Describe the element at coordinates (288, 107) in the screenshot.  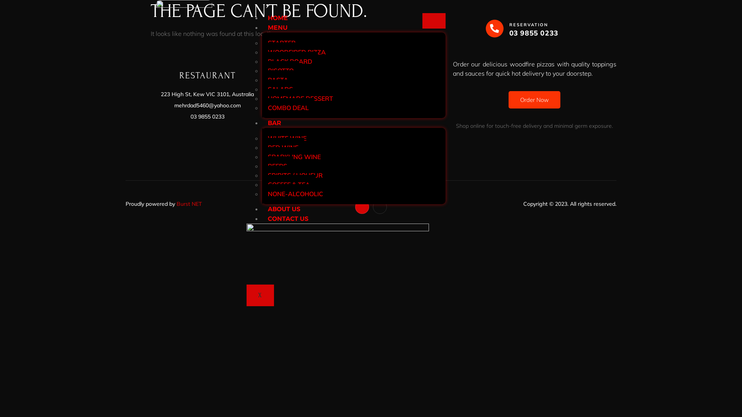
I see `'COMBO DEAL'` at that location.